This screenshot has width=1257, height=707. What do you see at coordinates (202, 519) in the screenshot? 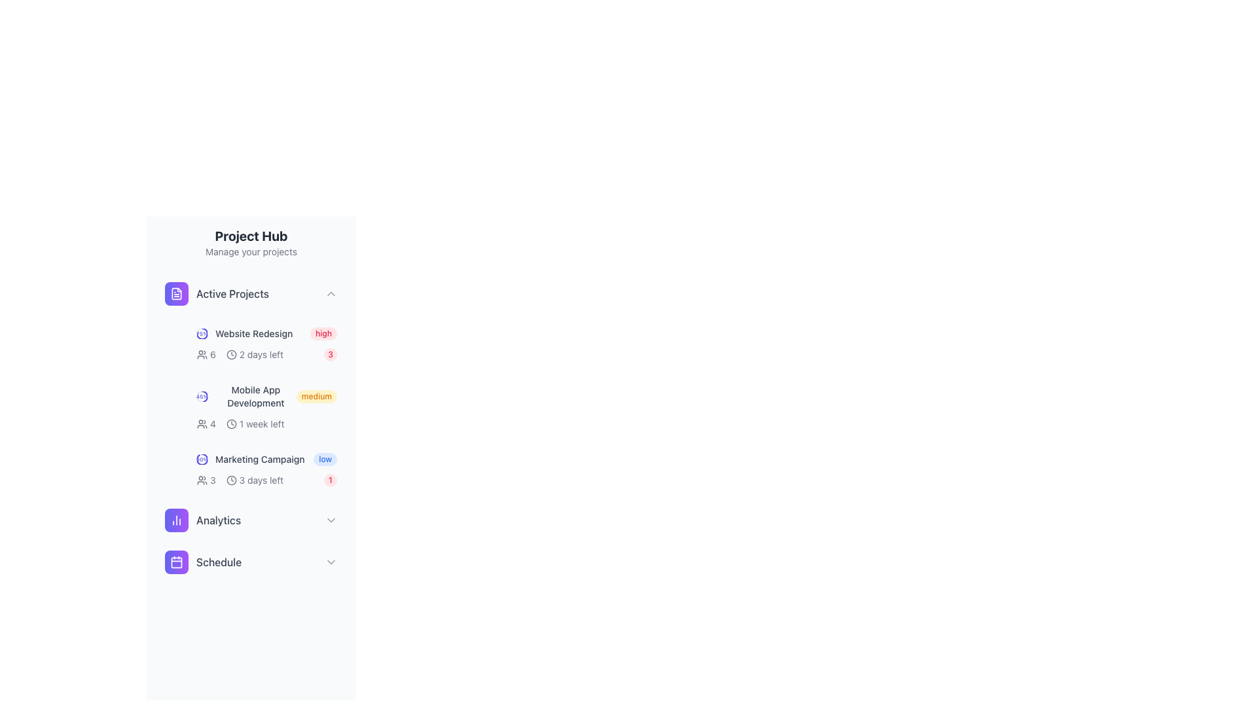
I see `the analytics navigation label located in the sidebar, positioned between 'Marketing Campaign' and 'Schedule'` at bounding box center [202, 519].